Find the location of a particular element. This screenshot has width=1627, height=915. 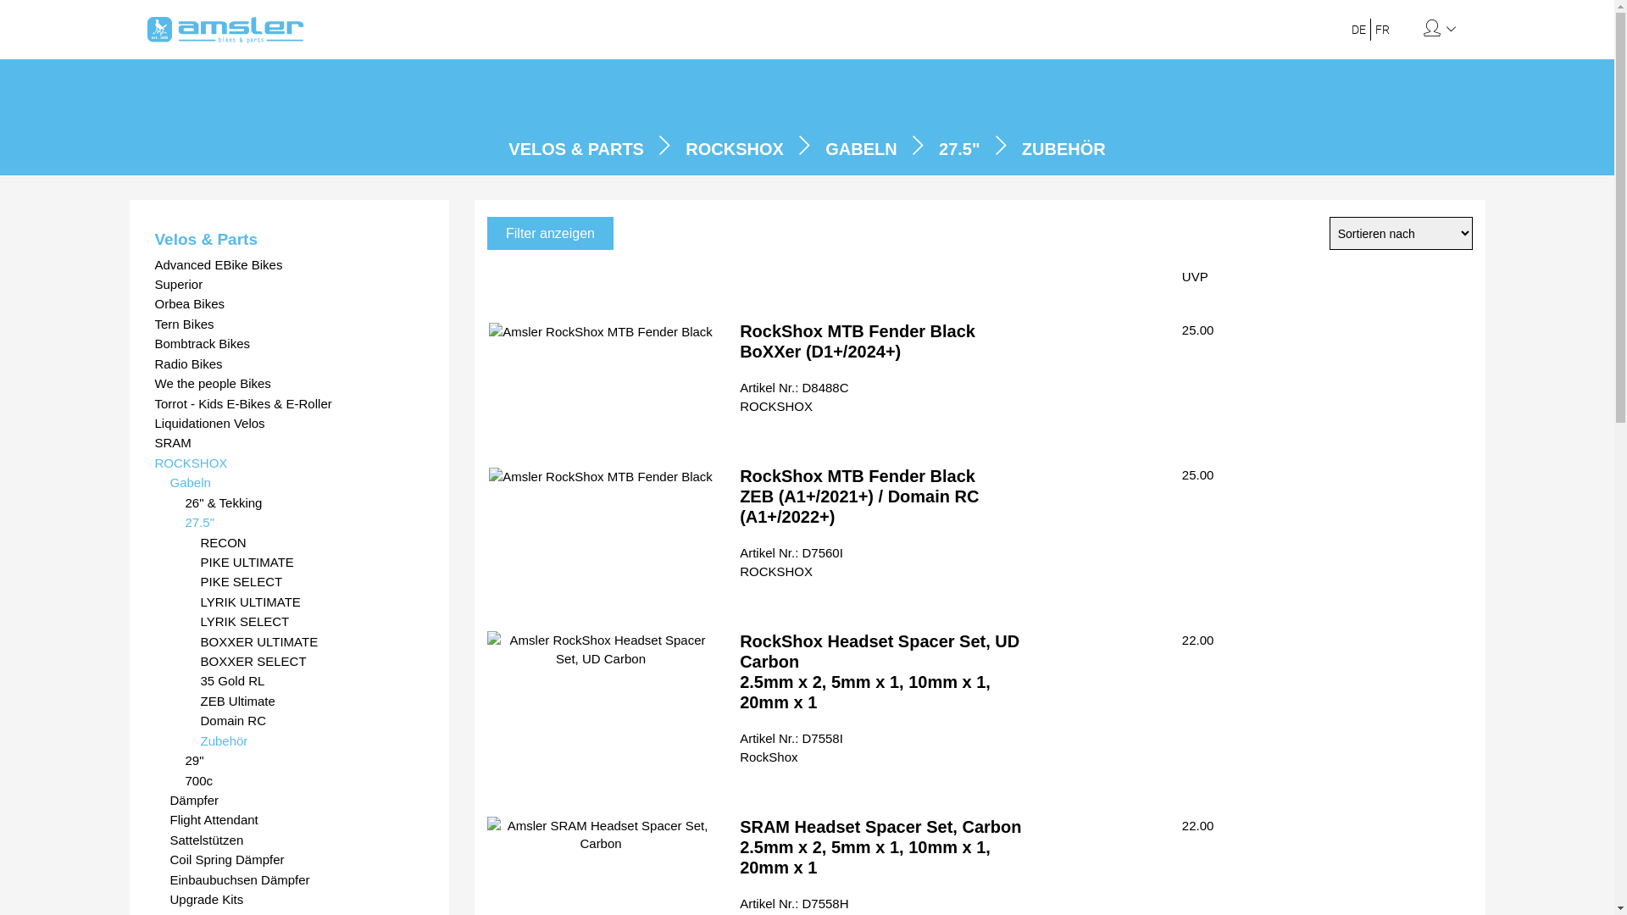

'RockShox MTB Fender Black' is located at coordinates (601, 476).